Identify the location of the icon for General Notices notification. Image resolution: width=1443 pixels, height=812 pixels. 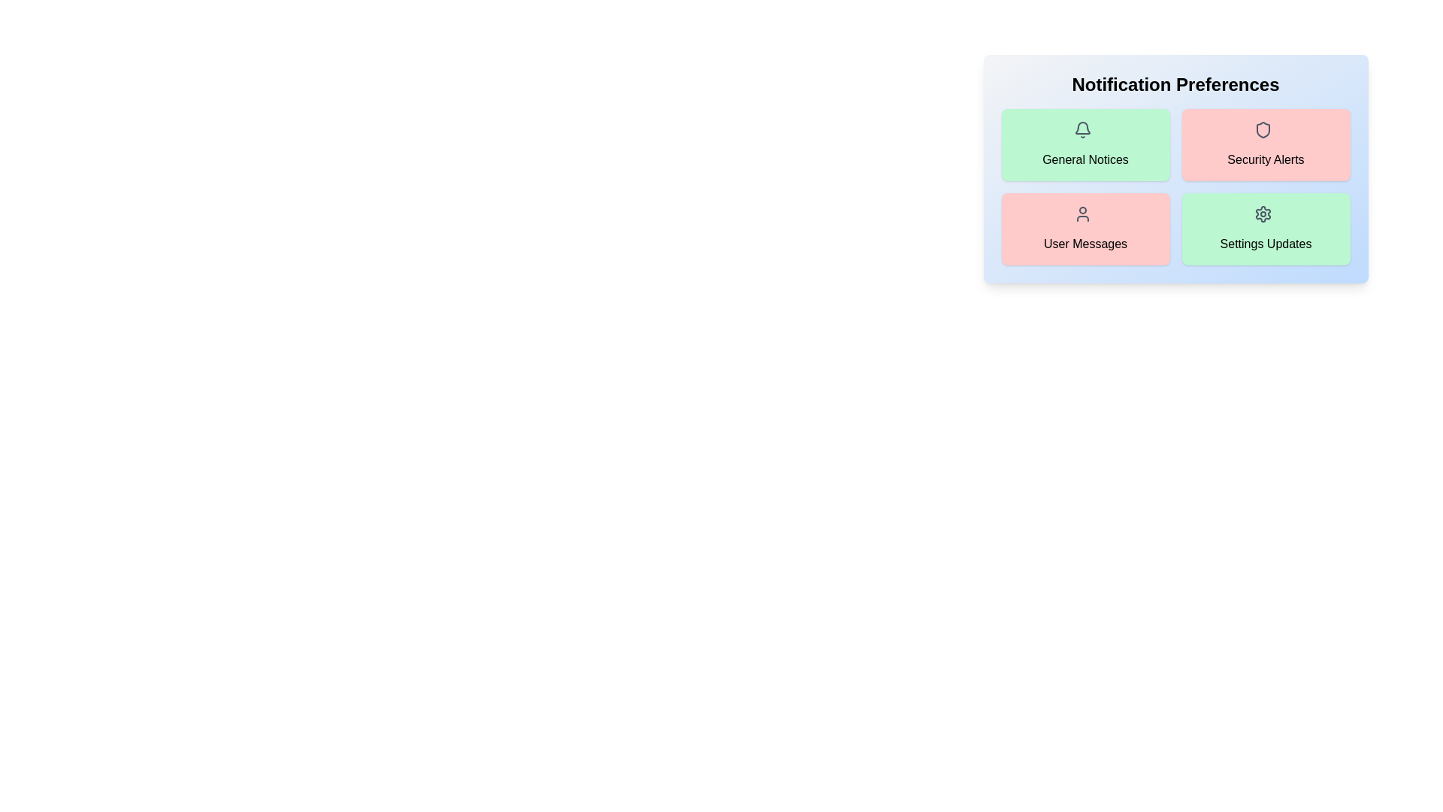
(1085, 132).